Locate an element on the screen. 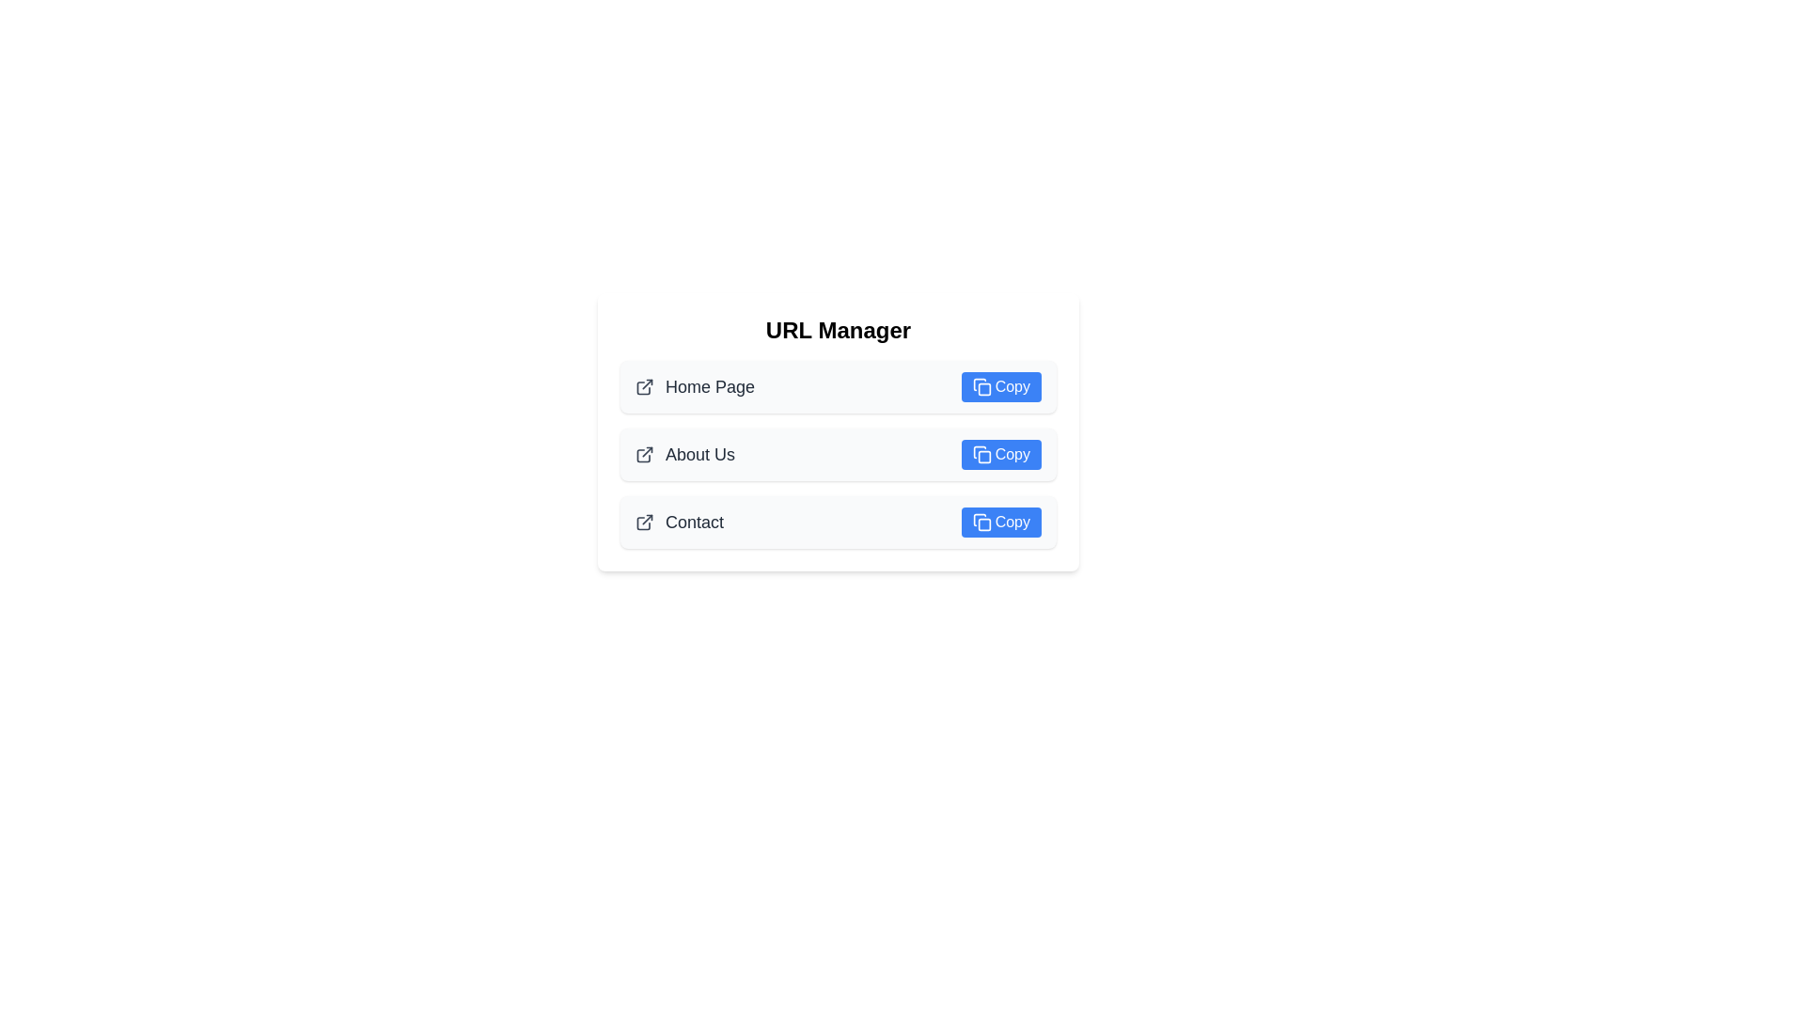 Image resolution: width=1805 pixels, height=1015 pixels. the Static text element (Heading) that serves as the title for the section, which is centrally located above other content is located at coordinates (838, 329).